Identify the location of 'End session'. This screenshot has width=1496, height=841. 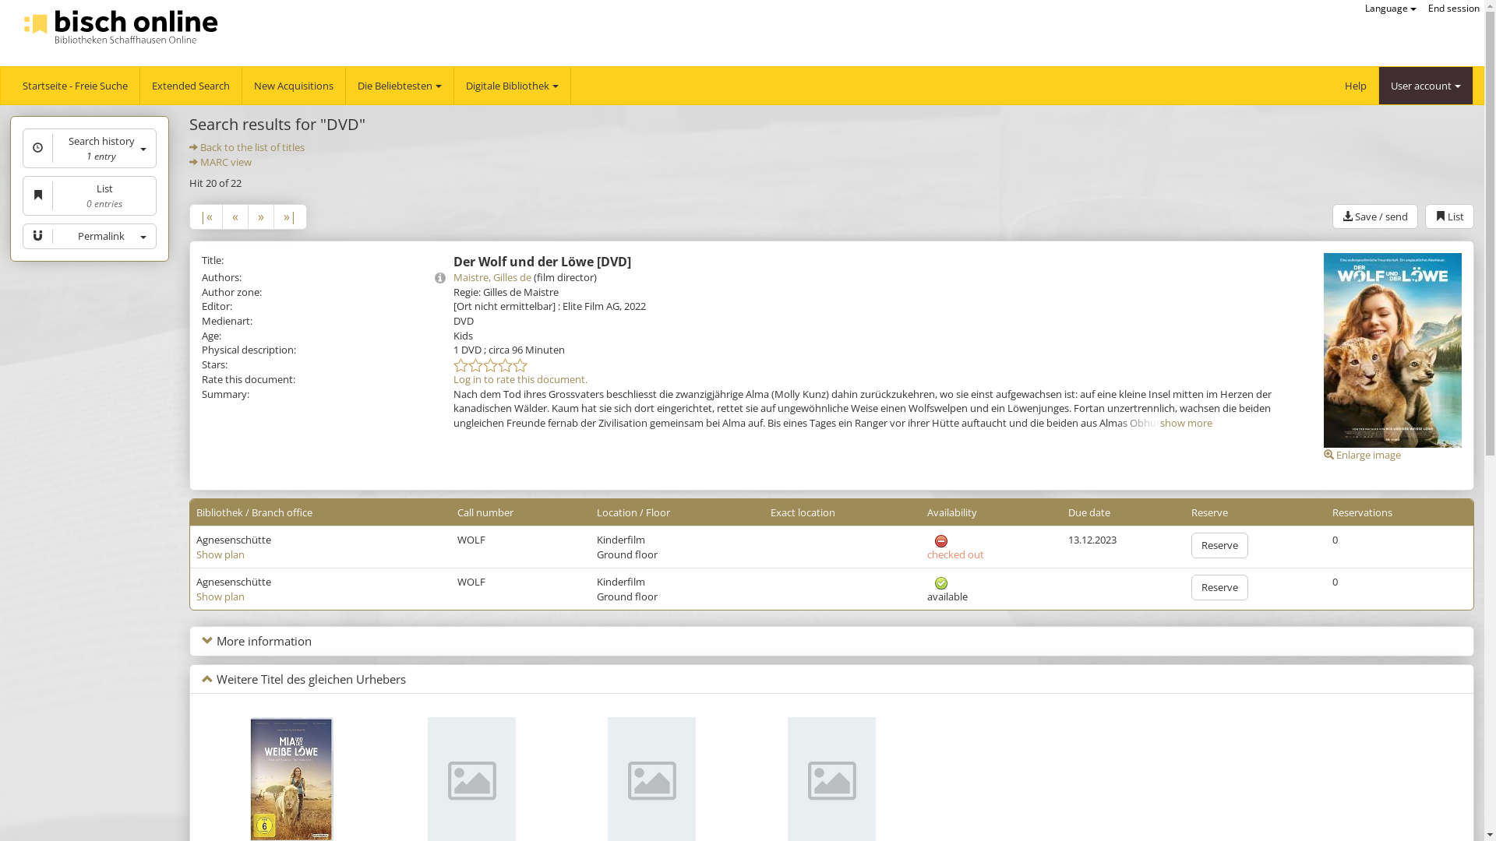
(1453, 9).